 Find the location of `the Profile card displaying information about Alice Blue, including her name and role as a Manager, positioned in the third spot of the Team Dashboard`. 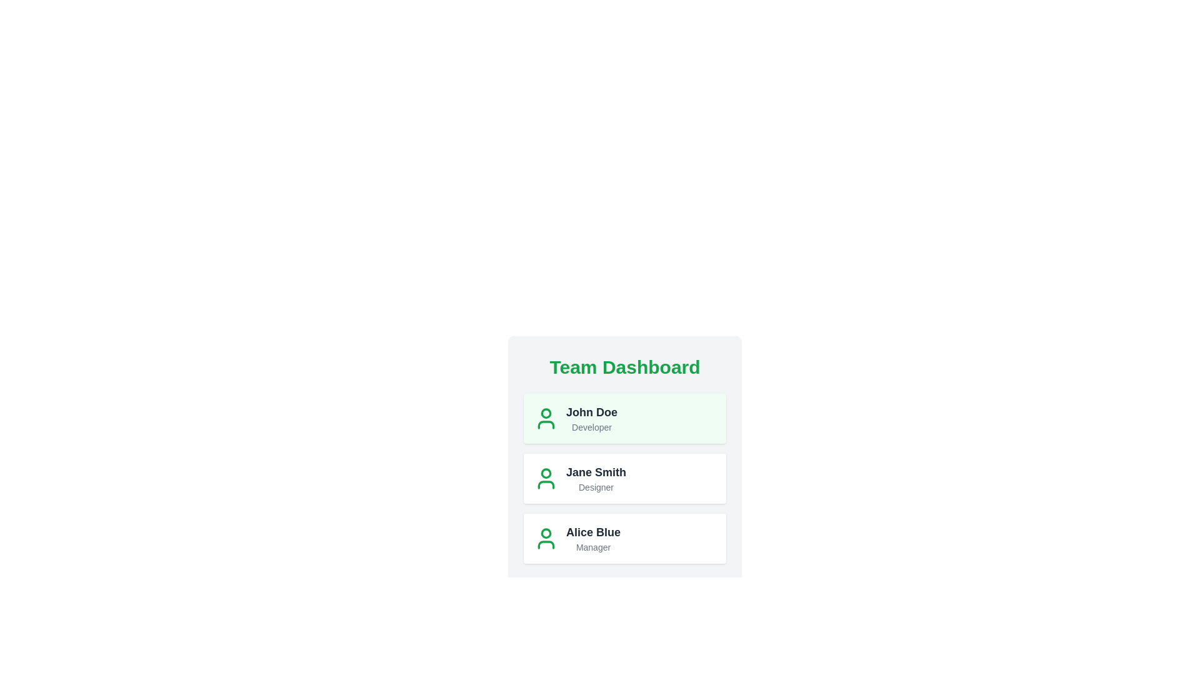

the Profile card displaying information about Alice Blue, including her name and role as a Manager, positioned in the third spot of the Team Dashboard is located at coordinates (624, 537).